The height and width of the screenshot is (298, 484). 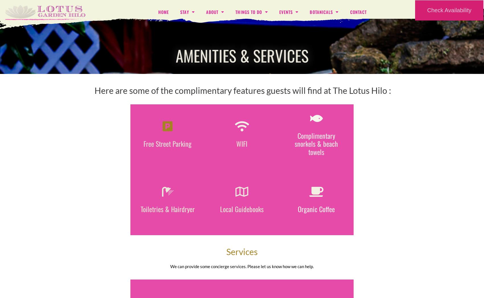 What do you see at coordinates (167, 144) in the screenshot?
I see `'Free Street Parking'` at bounding box center [167, 144].